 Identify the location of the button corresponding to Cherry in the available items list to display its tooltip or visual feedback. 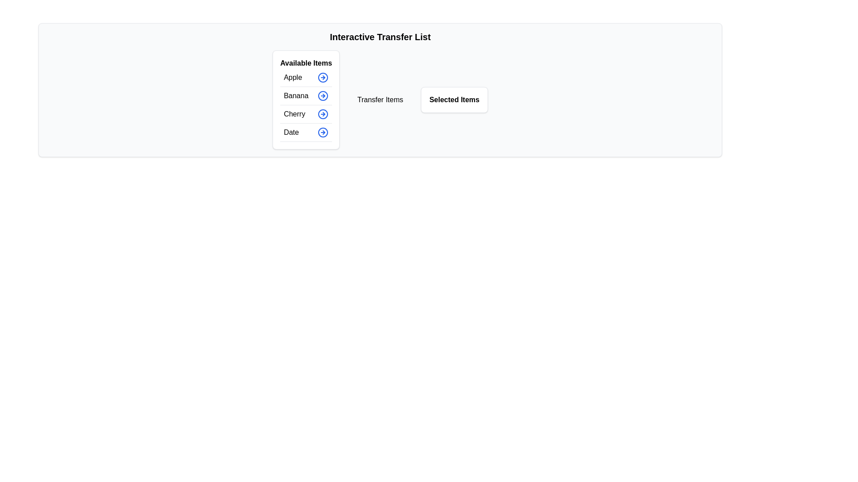
(323, 113).